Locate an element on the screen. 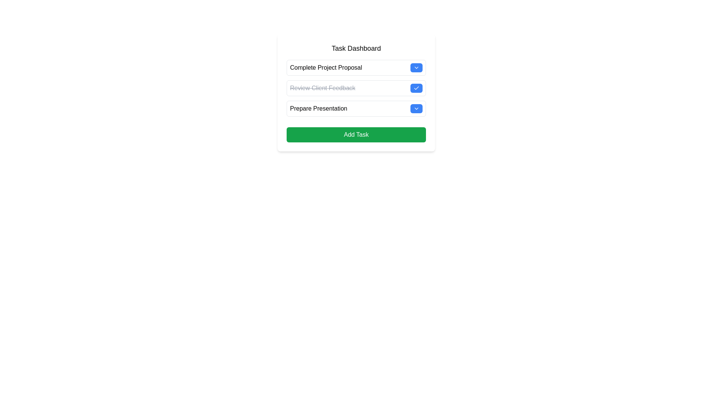 This screenshot has height=409, width=727. the checkmark icon within the 'Review Client Feedback' task item, which has a blue background and white stroke, indicating completion or confirmation is located at coordinates (416, 87).